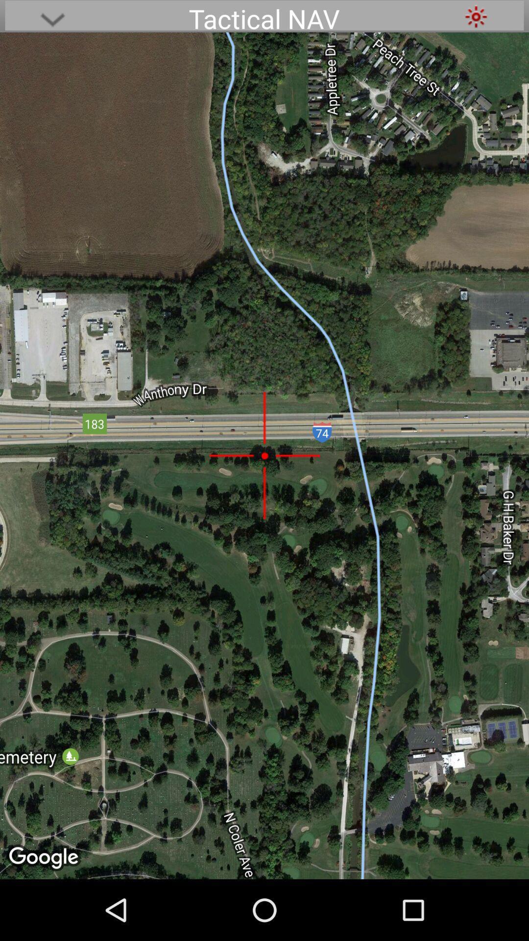 The height and width of the screenshot is (941, 529). I want to click on item to the right of tactical nav item, so click(476, 16).